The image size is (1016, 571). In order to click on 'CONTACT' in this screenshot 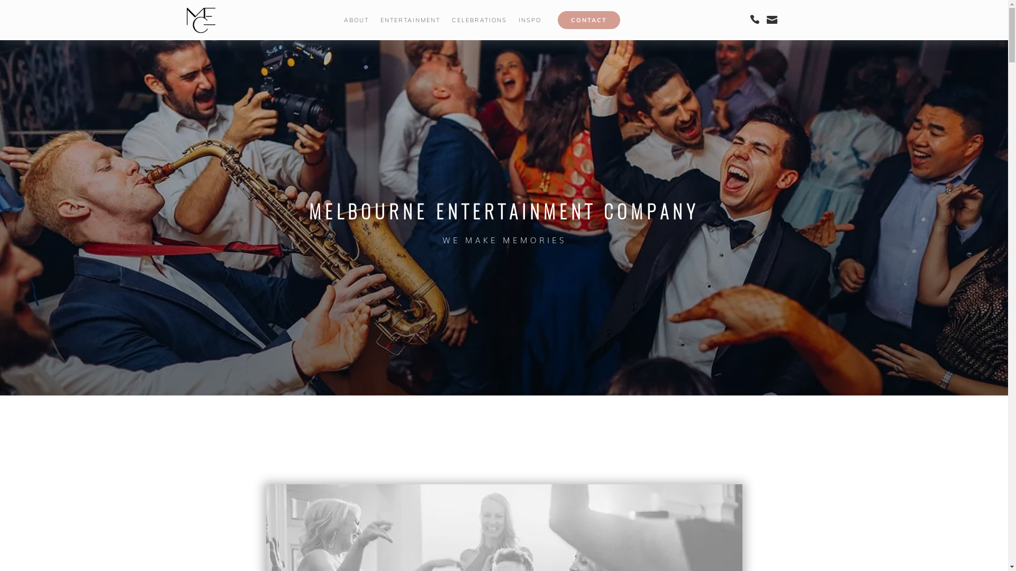, I will do `click(588, 20)`.